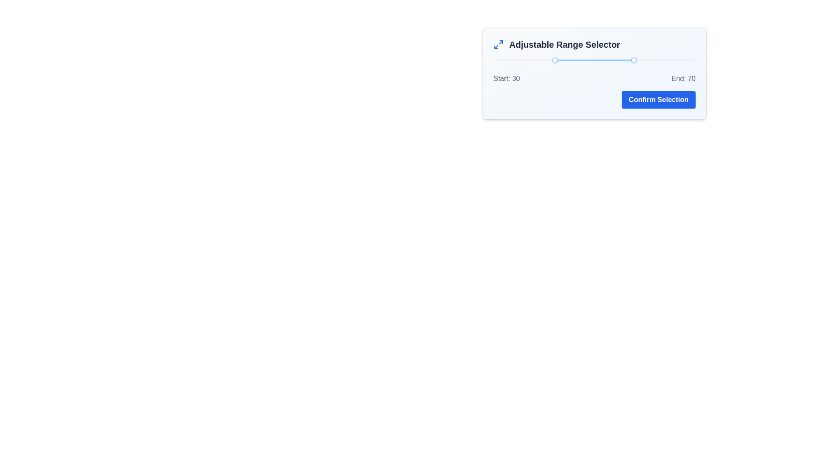 The width and height of the screenshot is (840, 473). What do you see at coordinates (594, 71) in the screenshot?
I see `the Range Slider` at bounding box center [594, 71].